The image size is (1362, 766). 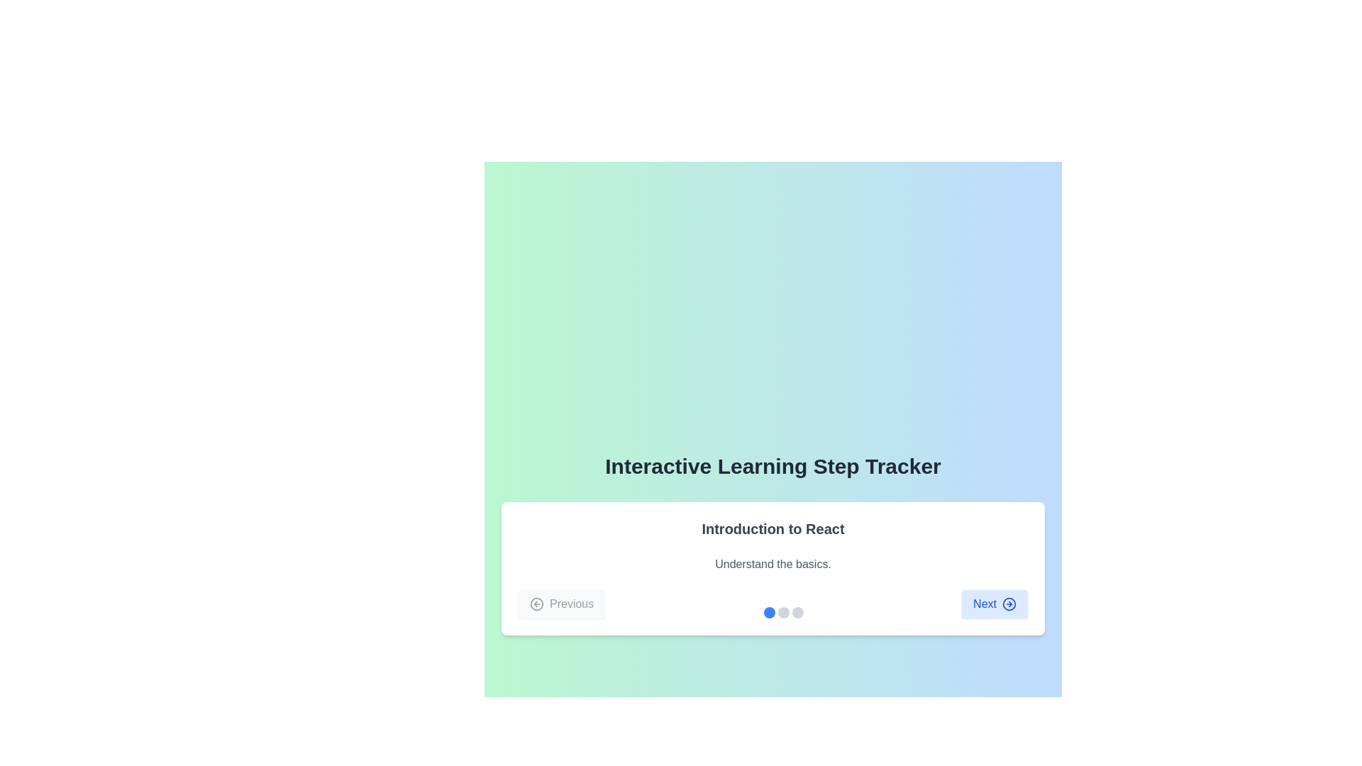 What do you see at coordinates (772, 467) in the screenshot?
I see `the text heading 'Interactive Learning Step Tracker', which is prominently displayed in a bold font at the top of the card layout` at bounding box center [772, 467].